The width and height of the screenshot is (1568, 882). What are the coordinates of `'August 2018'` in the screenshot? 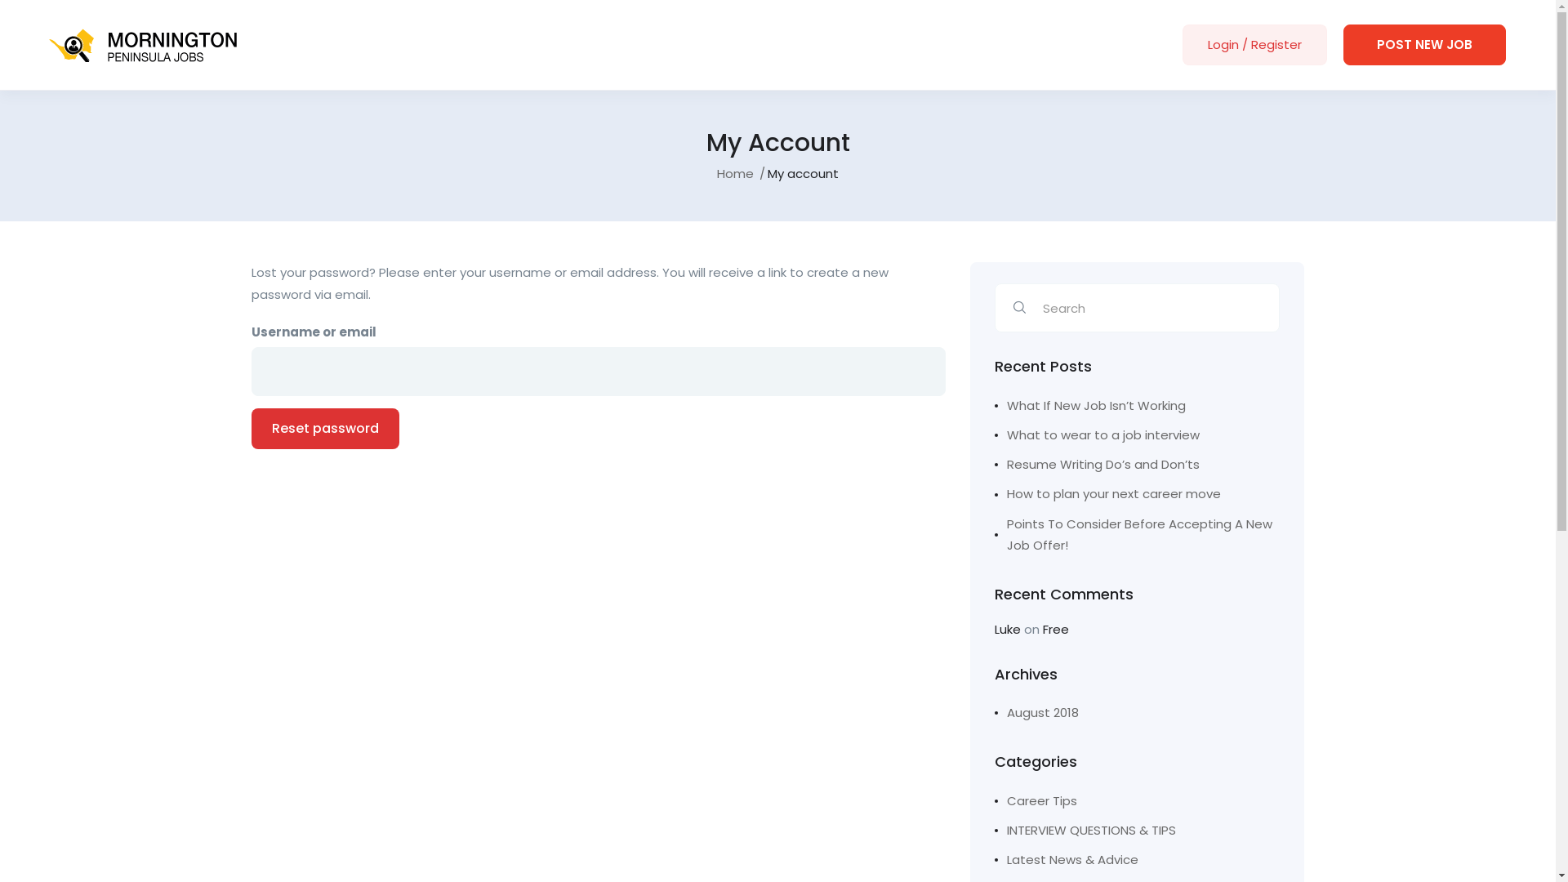 It's located at (1036, 711).